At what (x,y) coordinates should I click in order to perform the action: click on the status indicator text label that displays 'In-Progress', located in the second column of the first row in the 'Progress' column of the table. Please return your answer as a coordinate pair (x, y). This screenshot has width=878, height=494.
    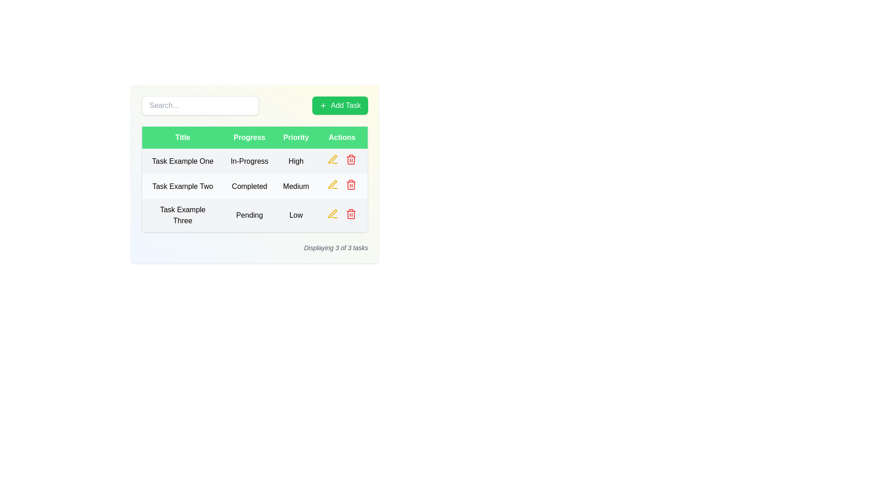
    Looking at the image, I should click on (249, 161).